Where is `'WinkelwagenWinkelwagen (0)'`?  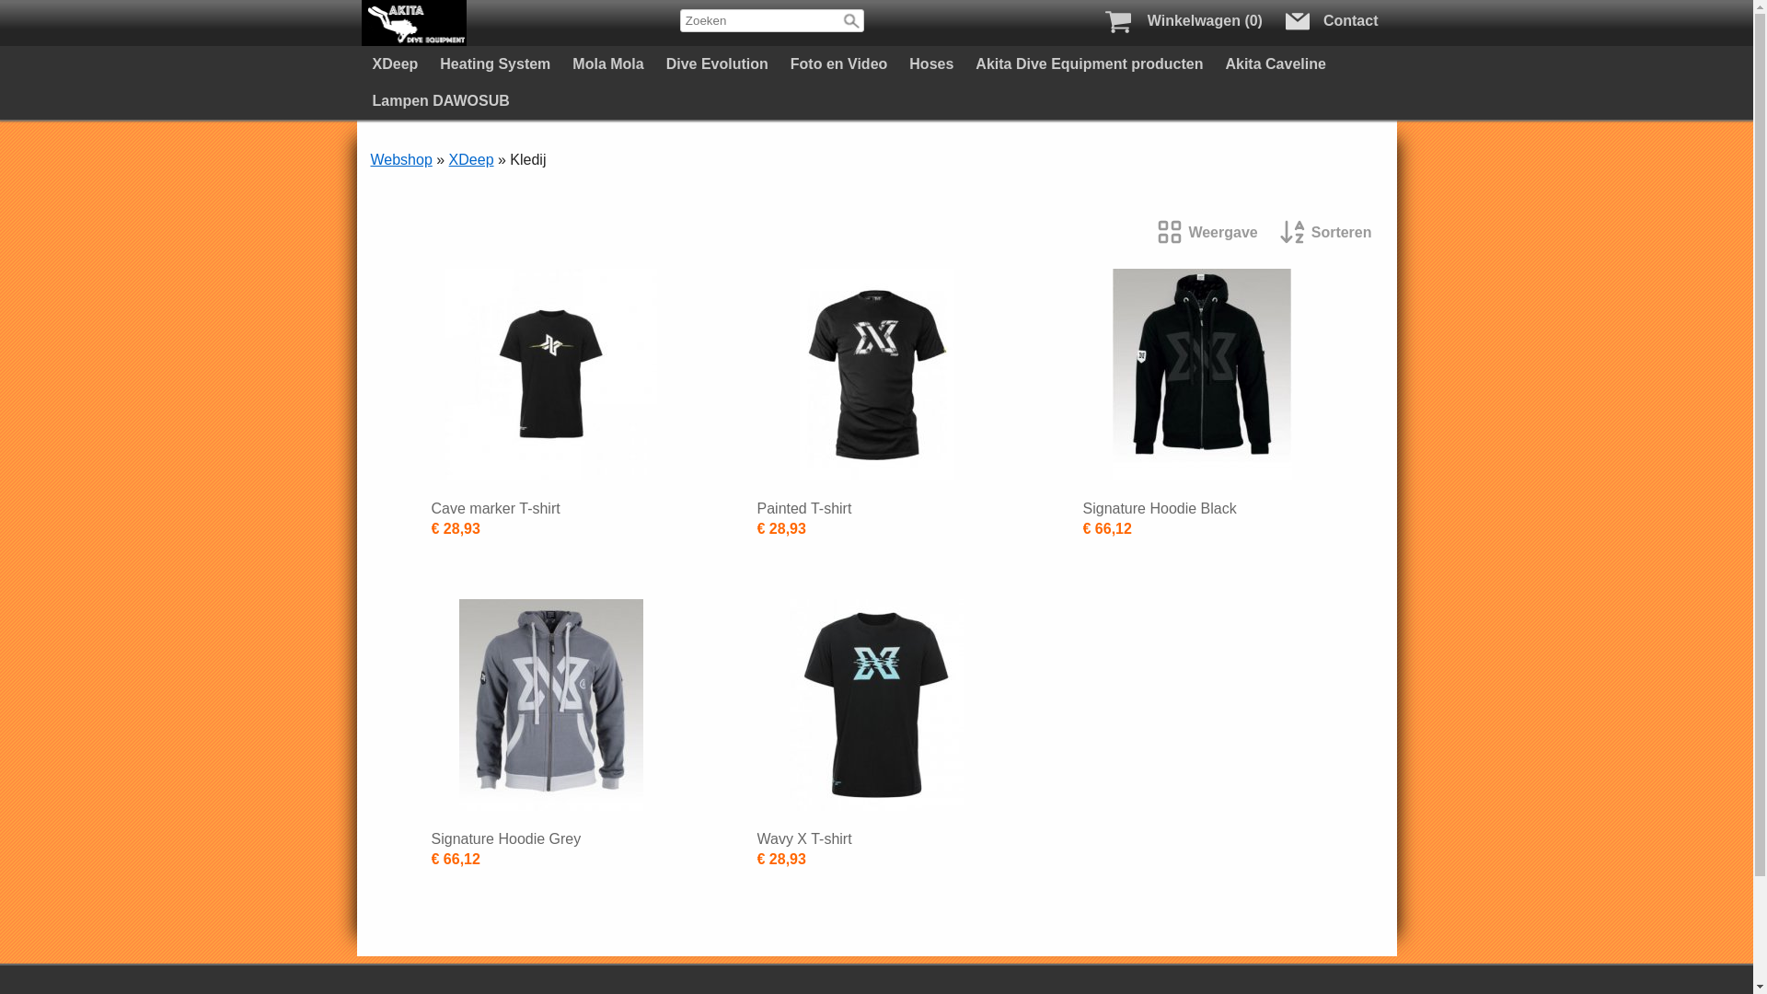 'WinkelwagenWinkelwagen (0)' is located at coordinates (1179, 21).